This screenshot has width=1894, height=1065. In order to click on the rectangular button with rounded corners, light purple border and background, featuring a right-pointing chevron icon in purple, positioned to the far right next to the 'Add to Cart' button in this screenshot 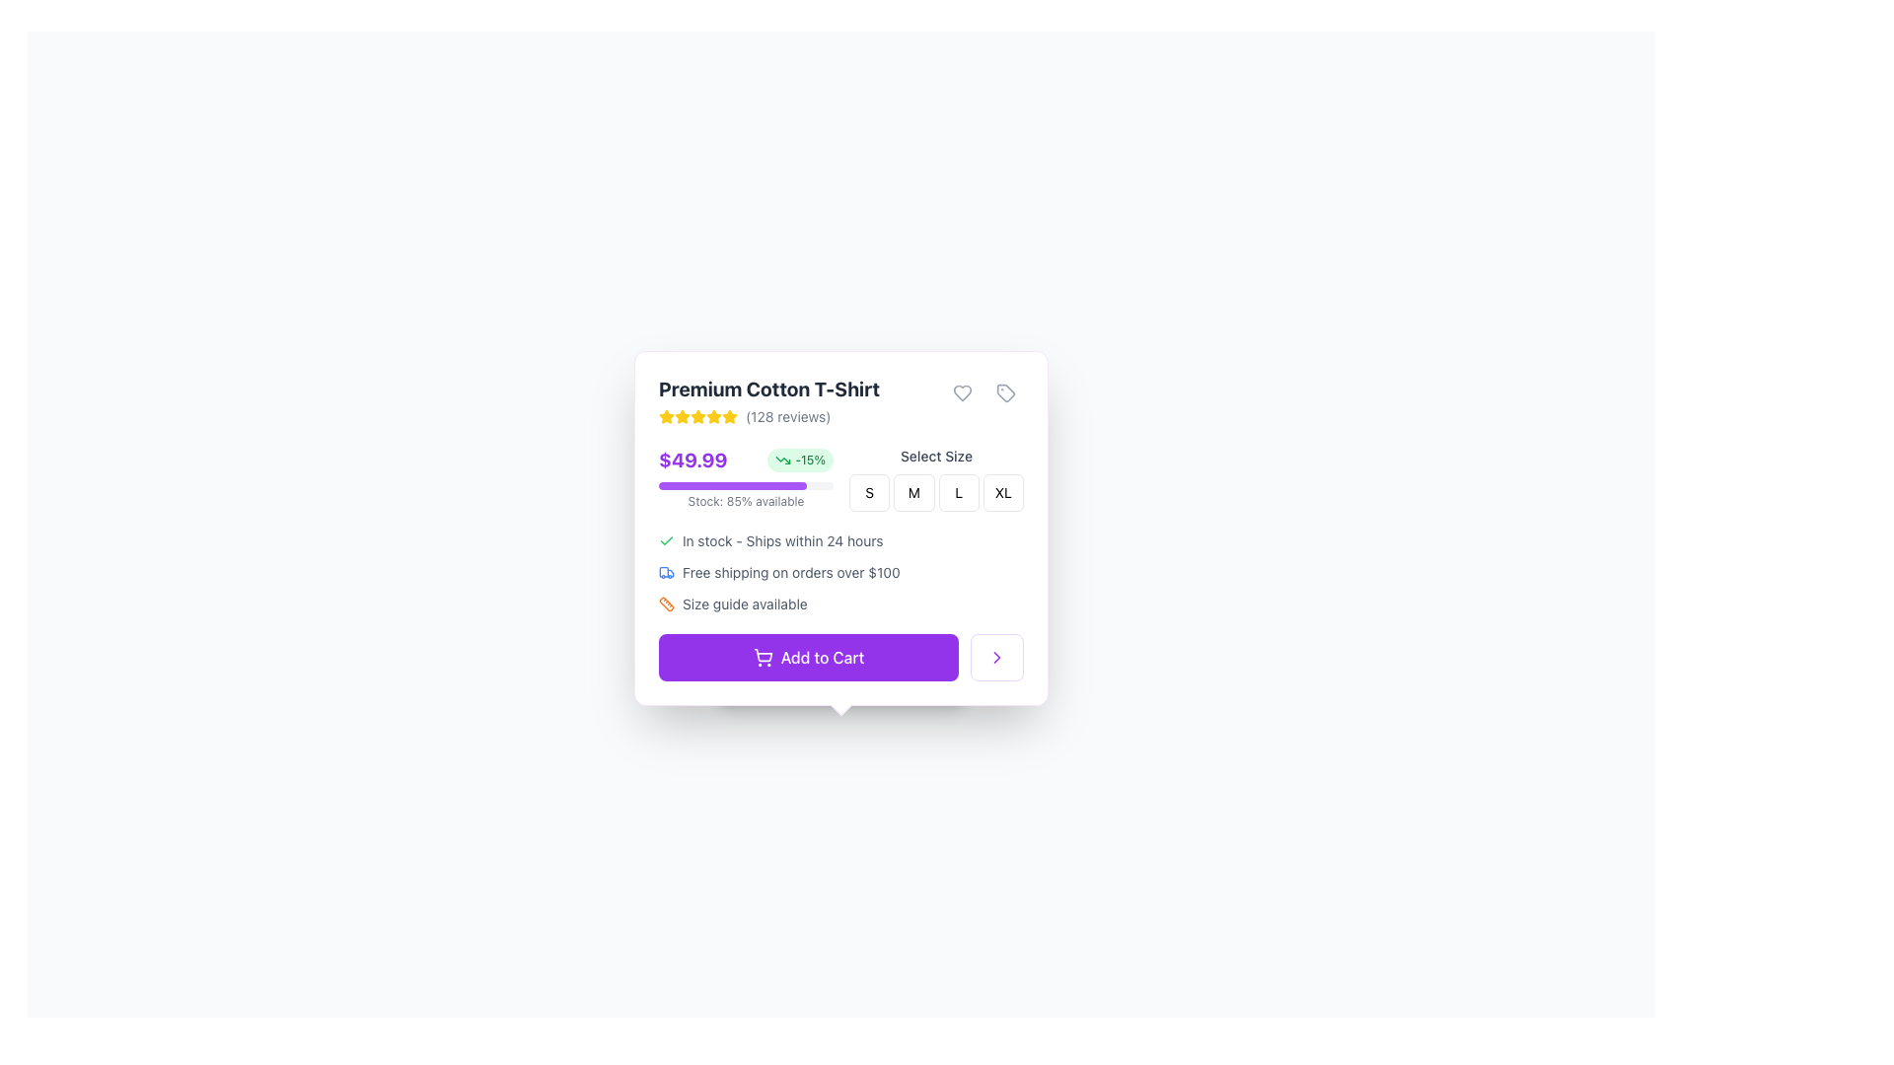, I will do `click(997, 658)`.